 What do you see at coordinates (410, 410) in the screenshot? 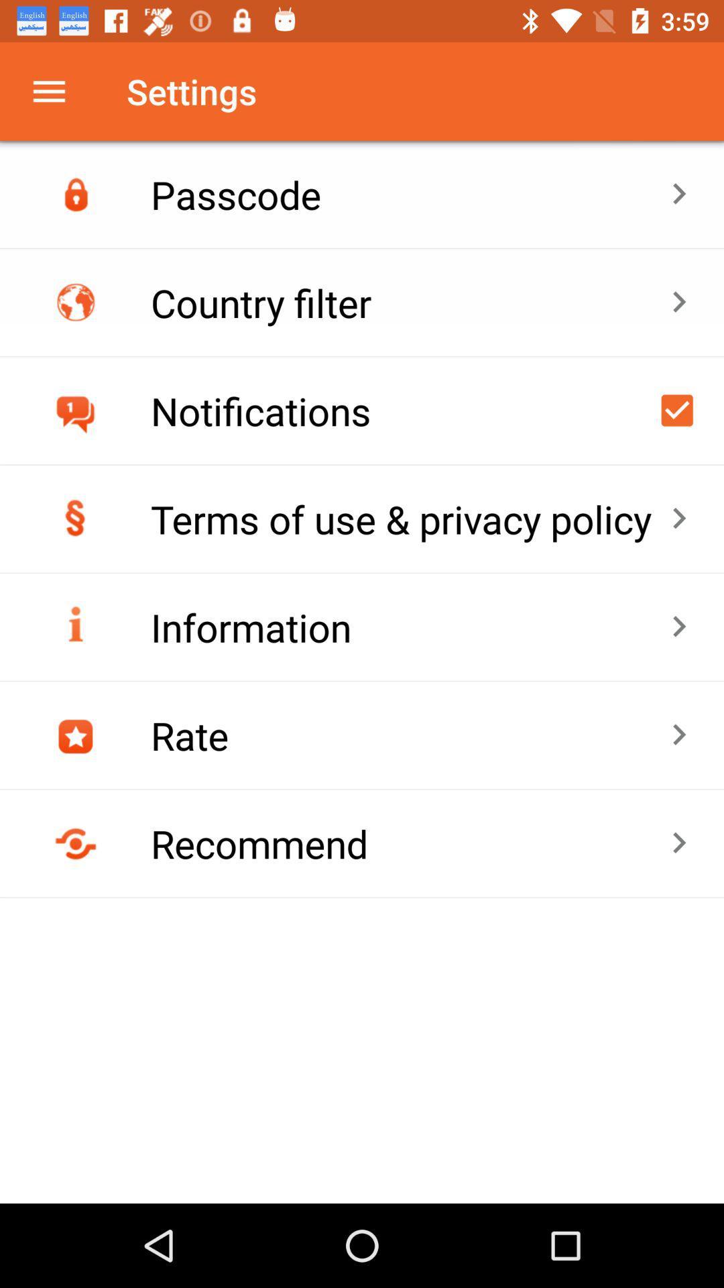
I see `icon below country filter icon` at bounding box center [410, 410].